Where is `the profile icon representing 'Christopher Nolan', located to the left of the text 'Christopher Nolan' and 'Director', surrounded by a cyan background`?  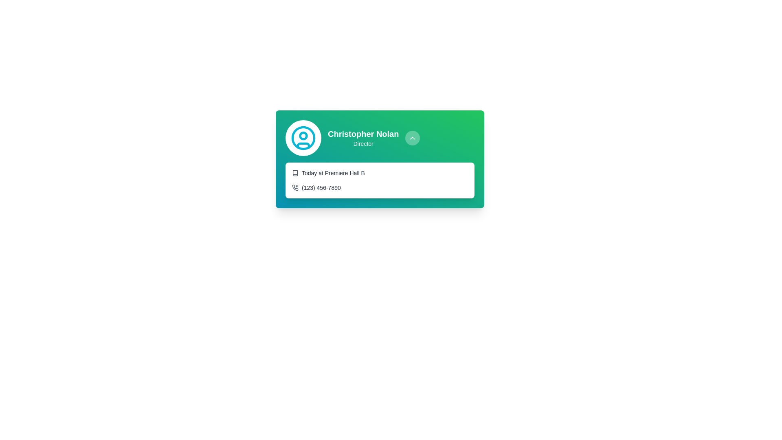 the profile icon representing 'Christopher Nolan', located to the left of the text 'Christopher Nolan' and 'Director', surrounded by a cyan background is located at coordinates (303, 138).